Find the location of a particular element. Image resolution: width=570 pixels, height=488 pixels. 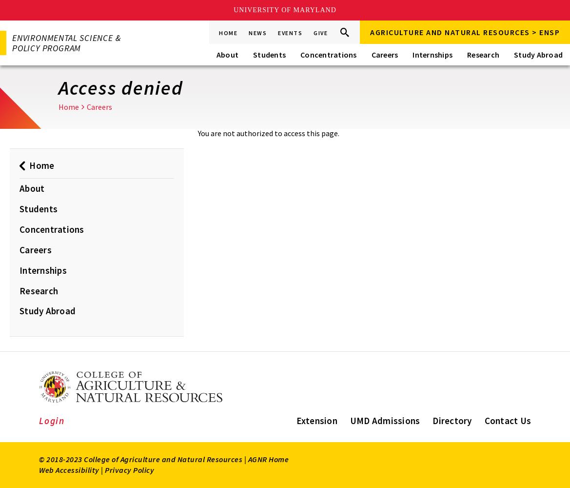

'You are not authorized to access this page.' is located at coordinates (268, 133).